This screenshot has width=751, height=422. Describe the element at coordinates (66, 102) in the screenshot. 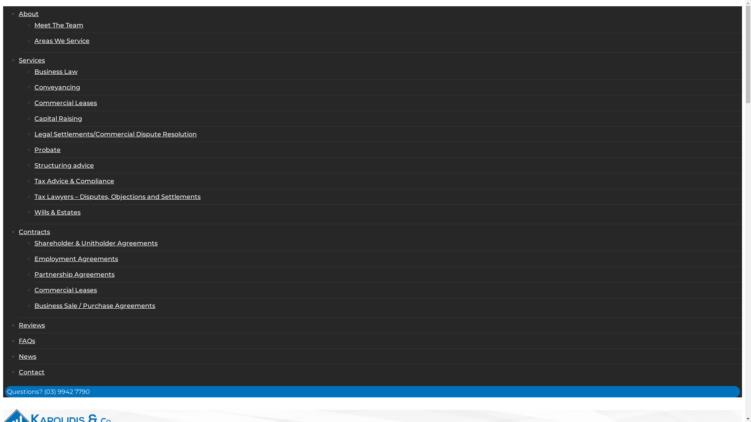

I see `'Commercial Leases'` at that location.